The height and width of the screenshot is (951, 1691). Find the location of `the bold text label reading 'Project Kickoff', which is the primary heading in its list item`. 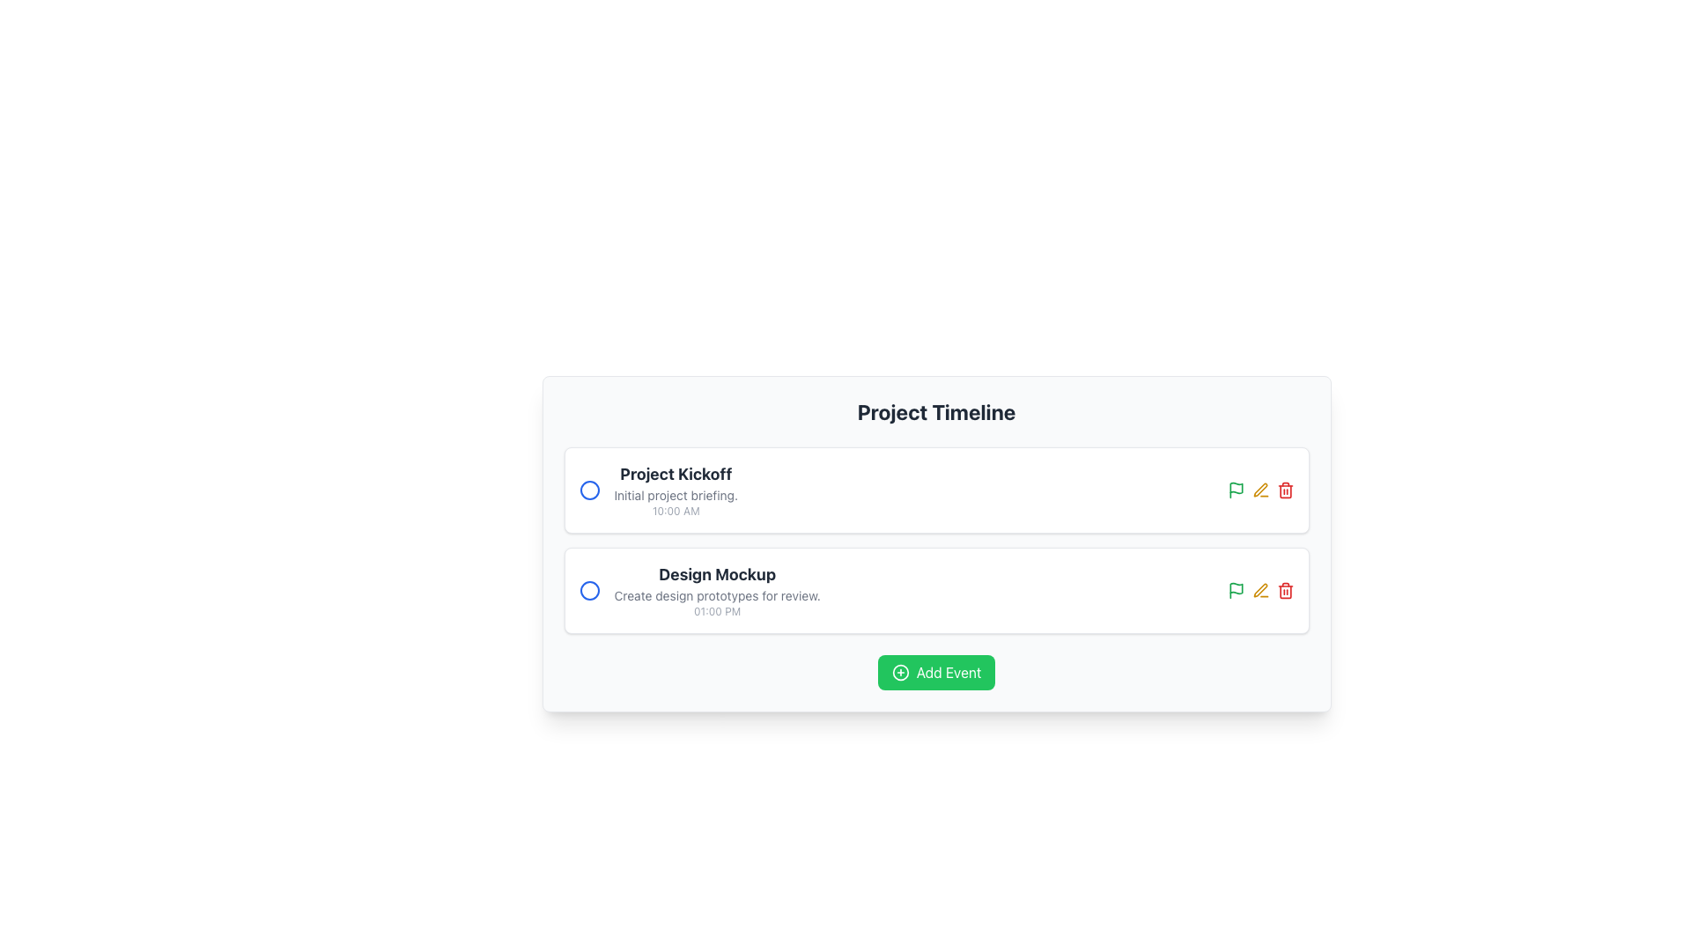

the bold text label reading 'Project Kickoff', which is the primary heading in its list item is located at coordinates (675, 474).